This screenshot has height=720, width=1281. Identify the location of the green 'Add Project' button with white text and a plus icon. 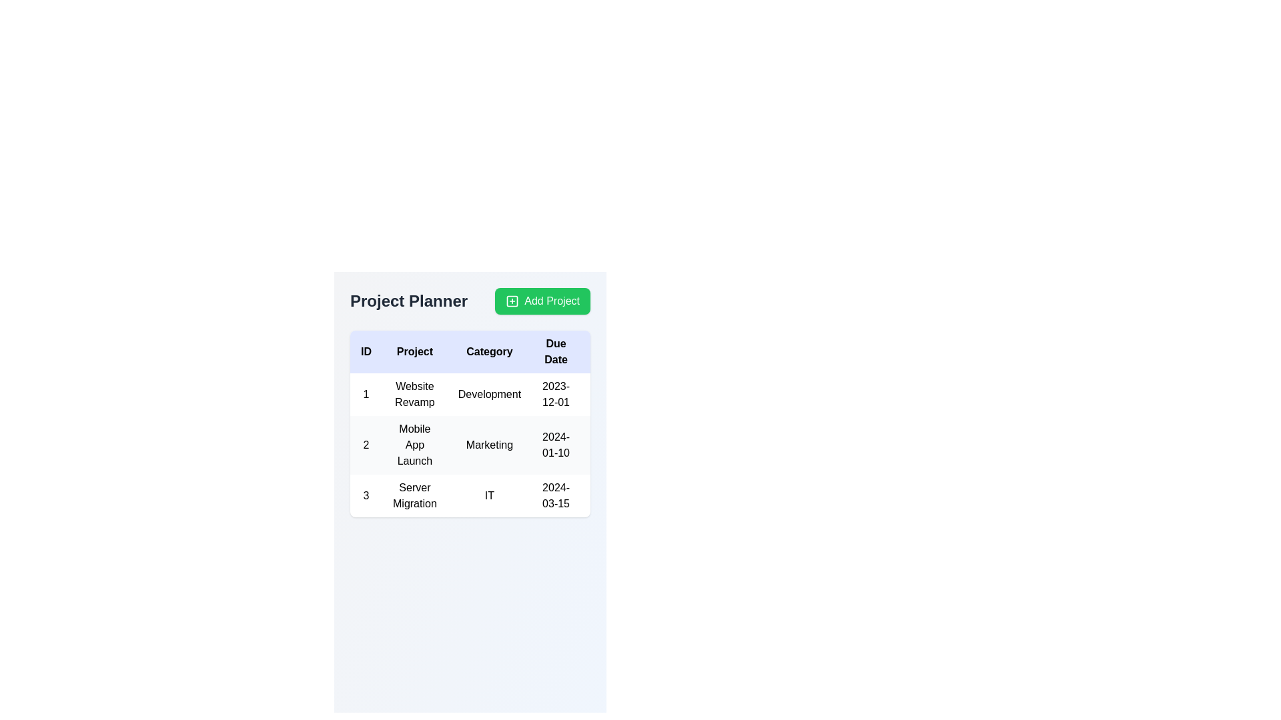
(542, 301).